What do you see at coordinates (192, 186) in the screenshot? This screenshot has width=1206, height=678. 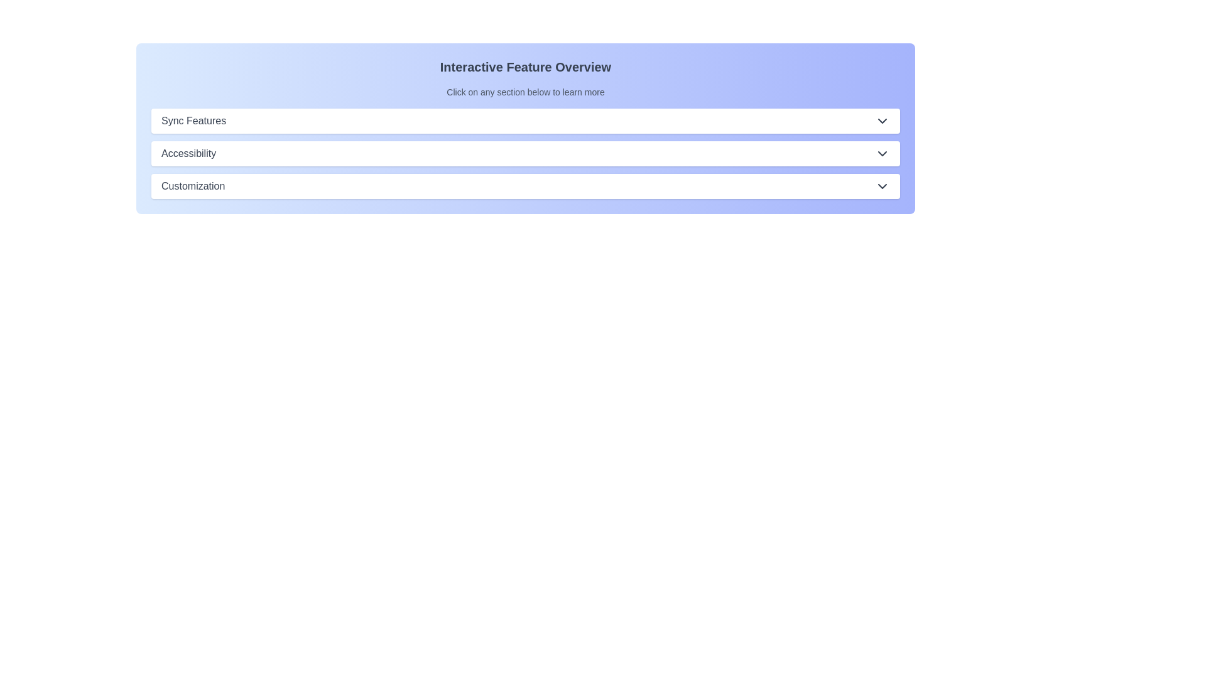 I see `the 'Customization' text label, which is styled in medium font and aligned within a horizontal bar, positioned third in a vertically stacked list of selectable sections` at bounding box center [192, 186].